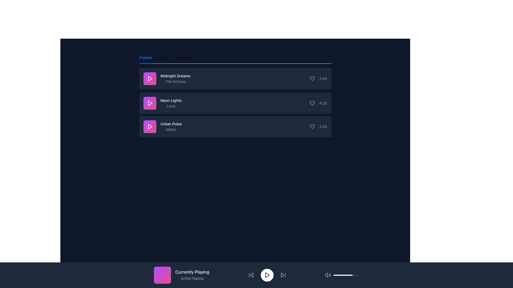  What do you see at coordinates (251, 275) in the screenshot?
I see `the triangular icon button located on the control panel` at bounding box center [251, 275].